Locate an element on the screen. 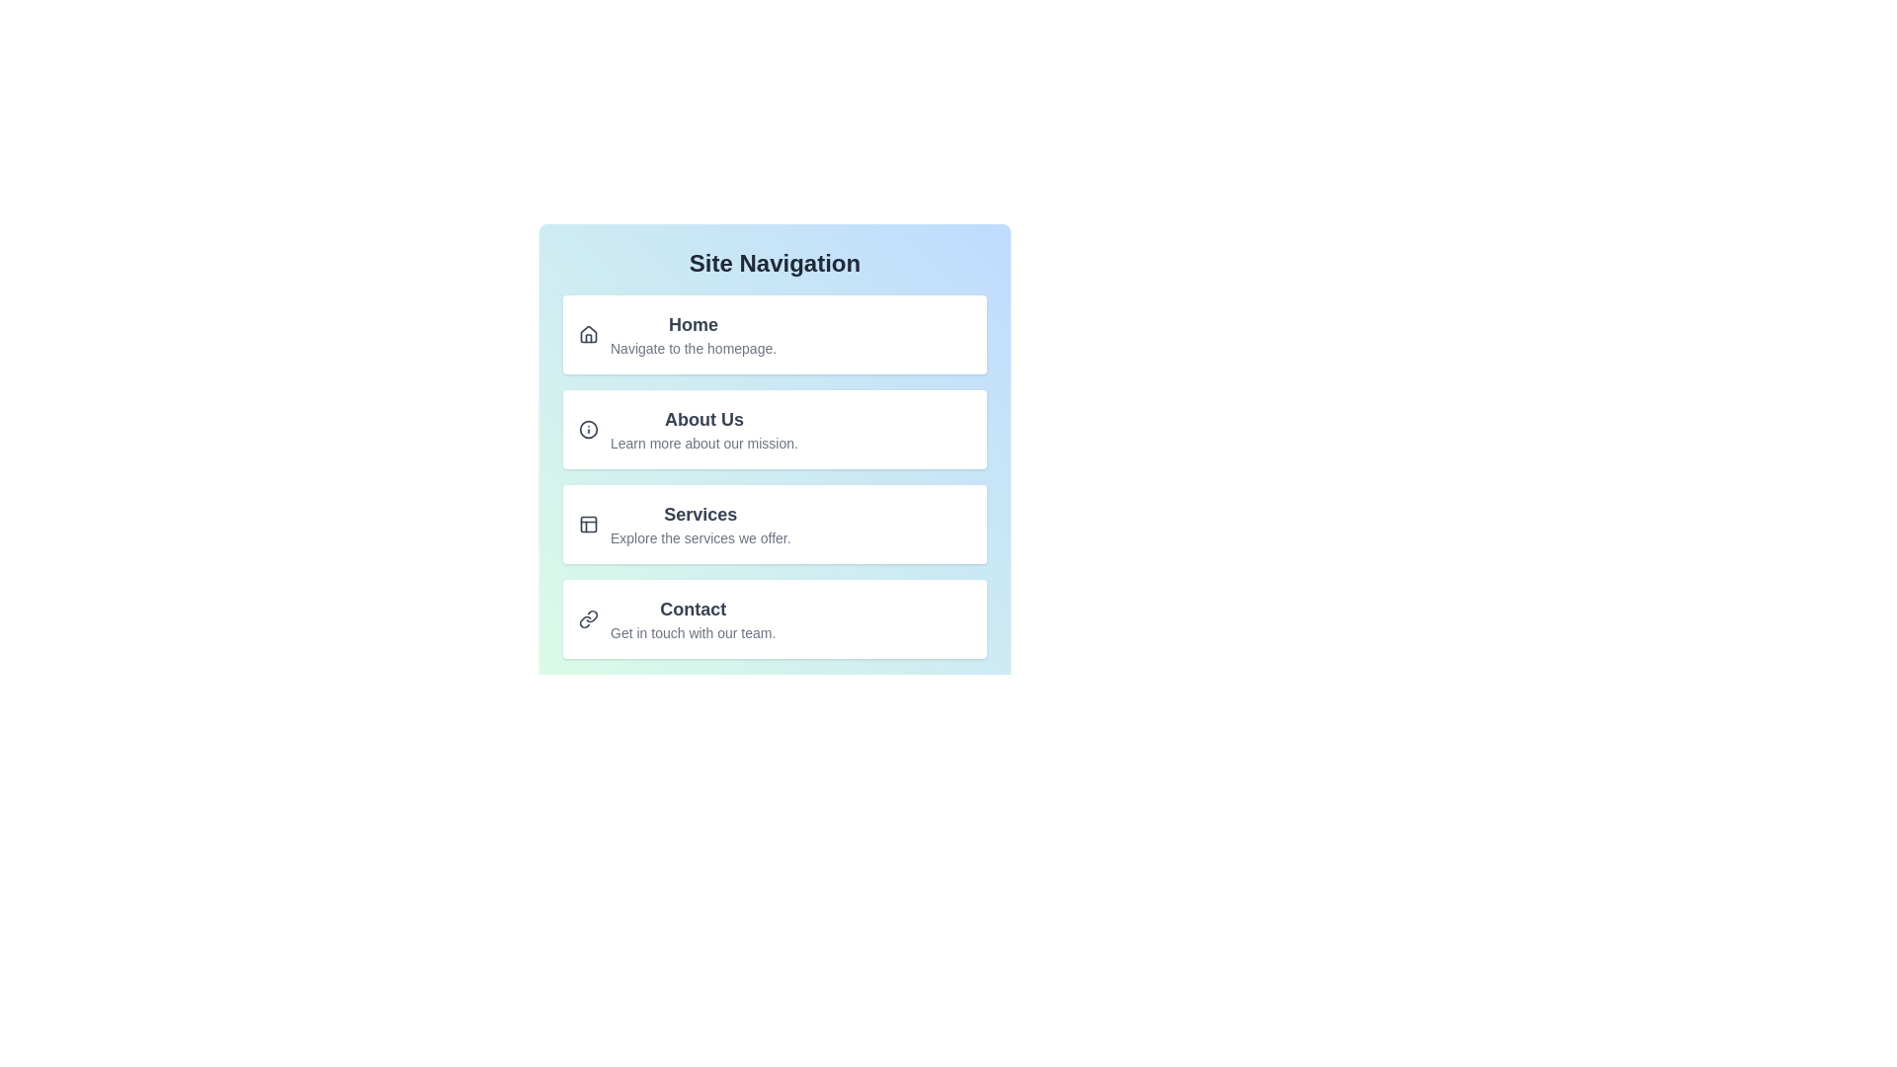  the 'Contact' hyperlink icon located to the left of the text in the fourth card of the vertical navigation menu is located at coordinates (587, 618).